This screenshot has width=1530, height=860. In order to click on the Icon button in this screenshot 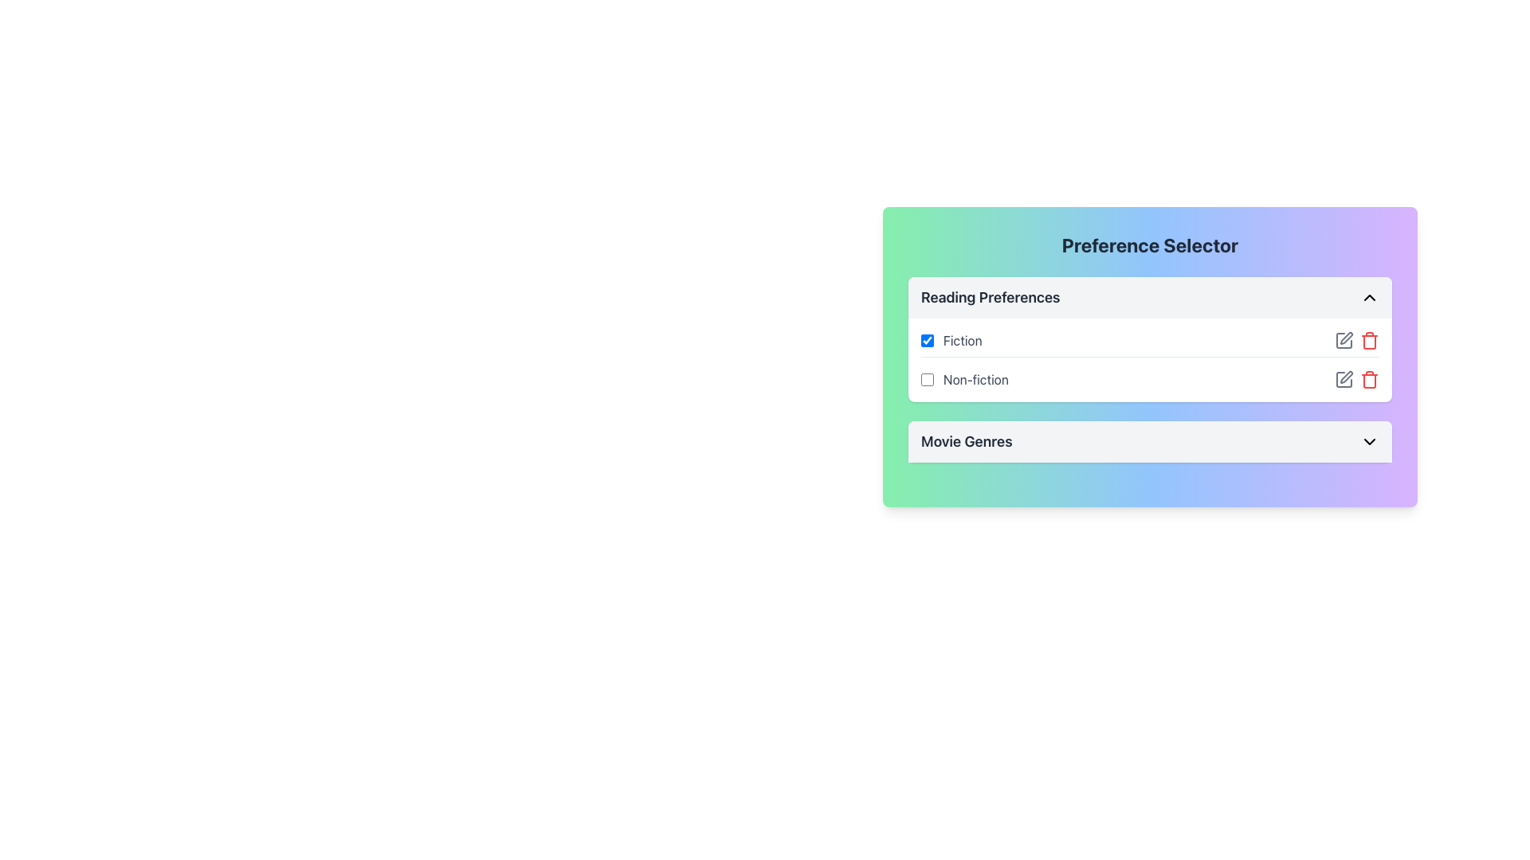, I will do `click(1345, 337)`.